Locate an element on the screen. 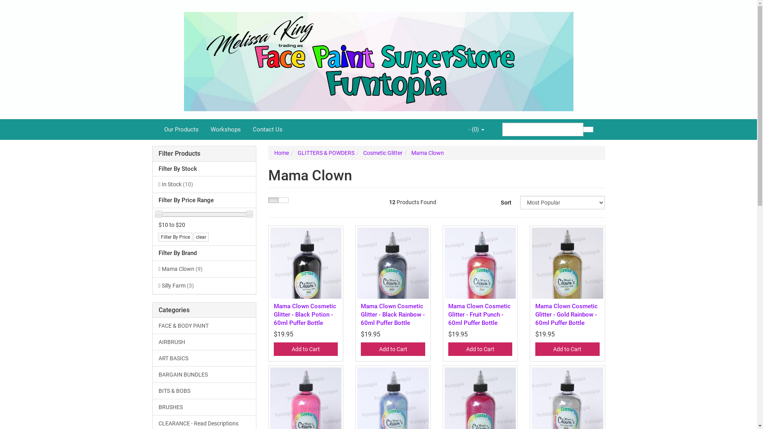 This screenshot has height=429, width=763. 'Our Products' is located at coordinates (181, 129).